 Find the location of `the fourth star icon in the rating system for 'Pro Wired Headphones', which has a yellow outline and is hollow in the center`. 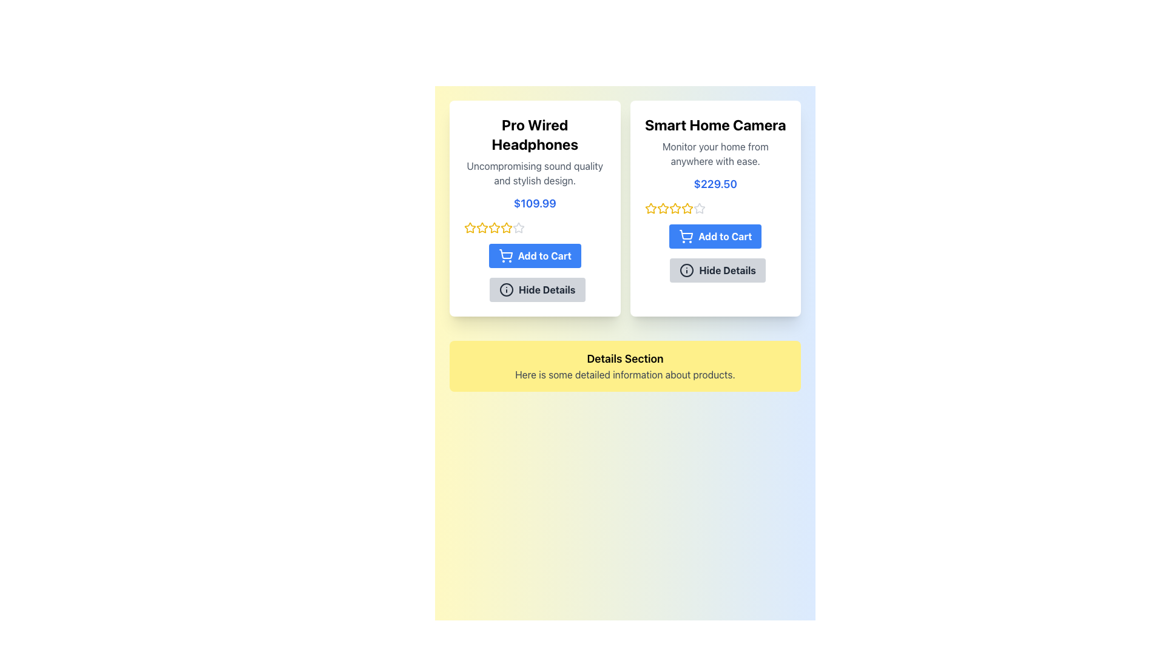

the fourth star icon in the rating system for 'Pro Wired Headphones', which has a yellow outline and is hollow in the center is located at coordinates (507, 227).